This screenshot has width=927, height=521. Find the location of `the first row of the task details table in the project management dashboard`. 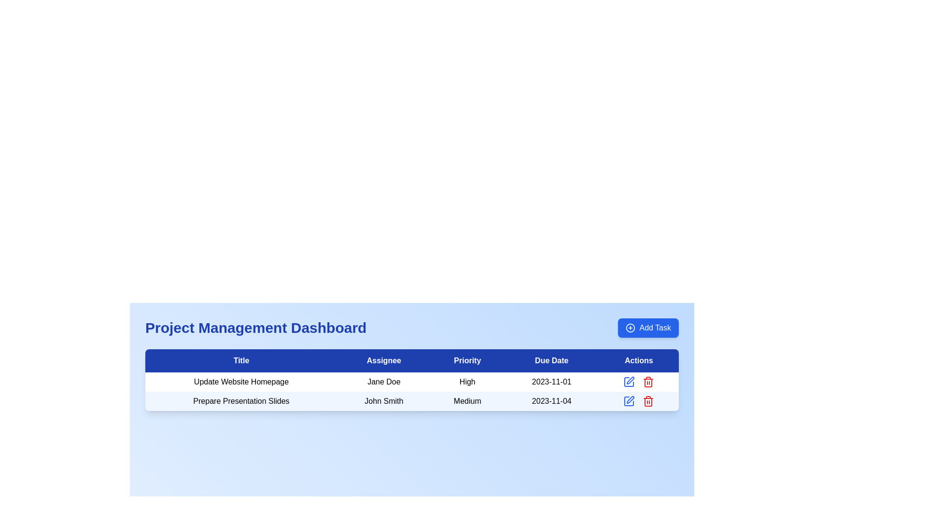

the first row of the task details table in the project management dashboard is located at coordinates (412, 381).